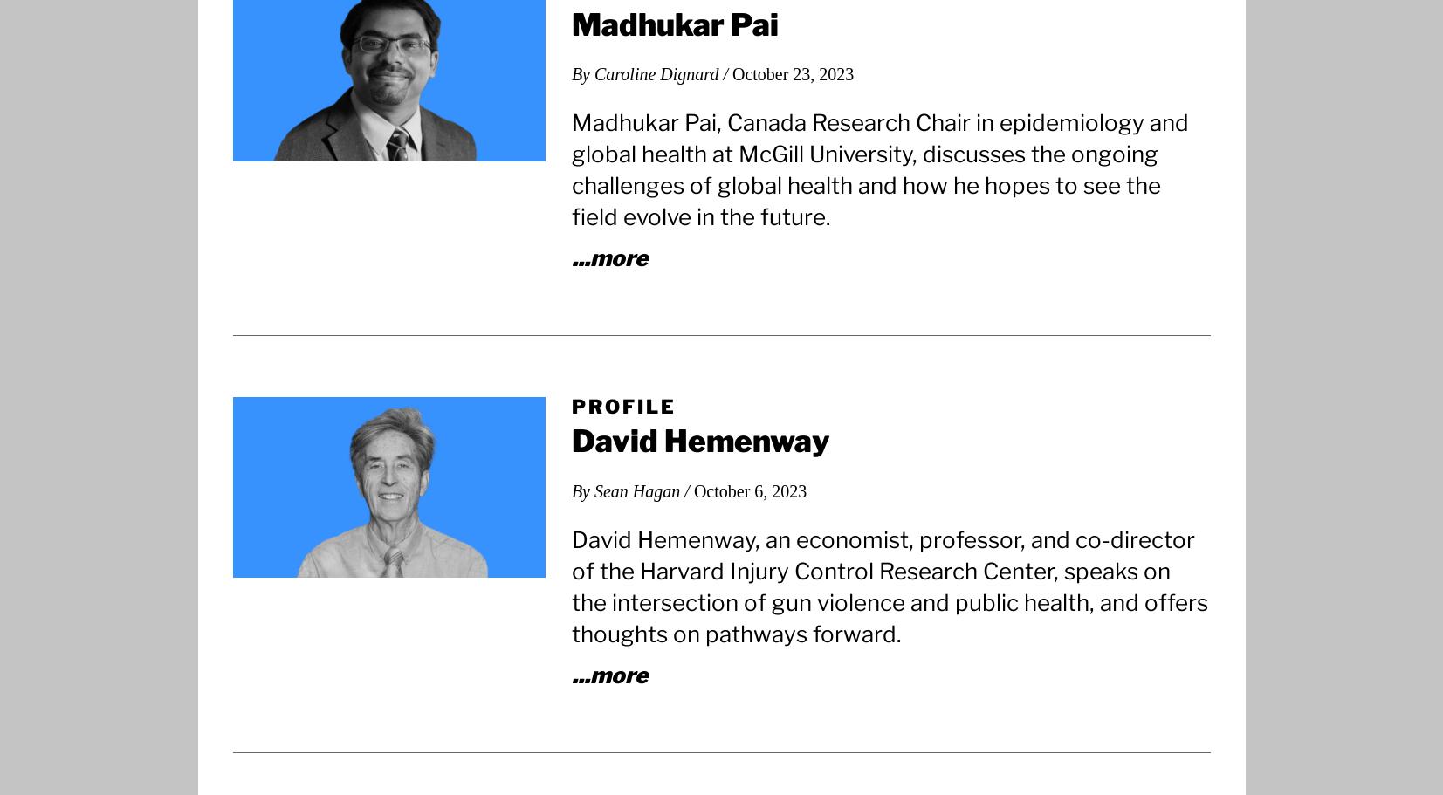 The image size is (1443, 795). Describe the element at coordinates (699, 441) in the screenshot. I see `'David Hemenway'` at that location.